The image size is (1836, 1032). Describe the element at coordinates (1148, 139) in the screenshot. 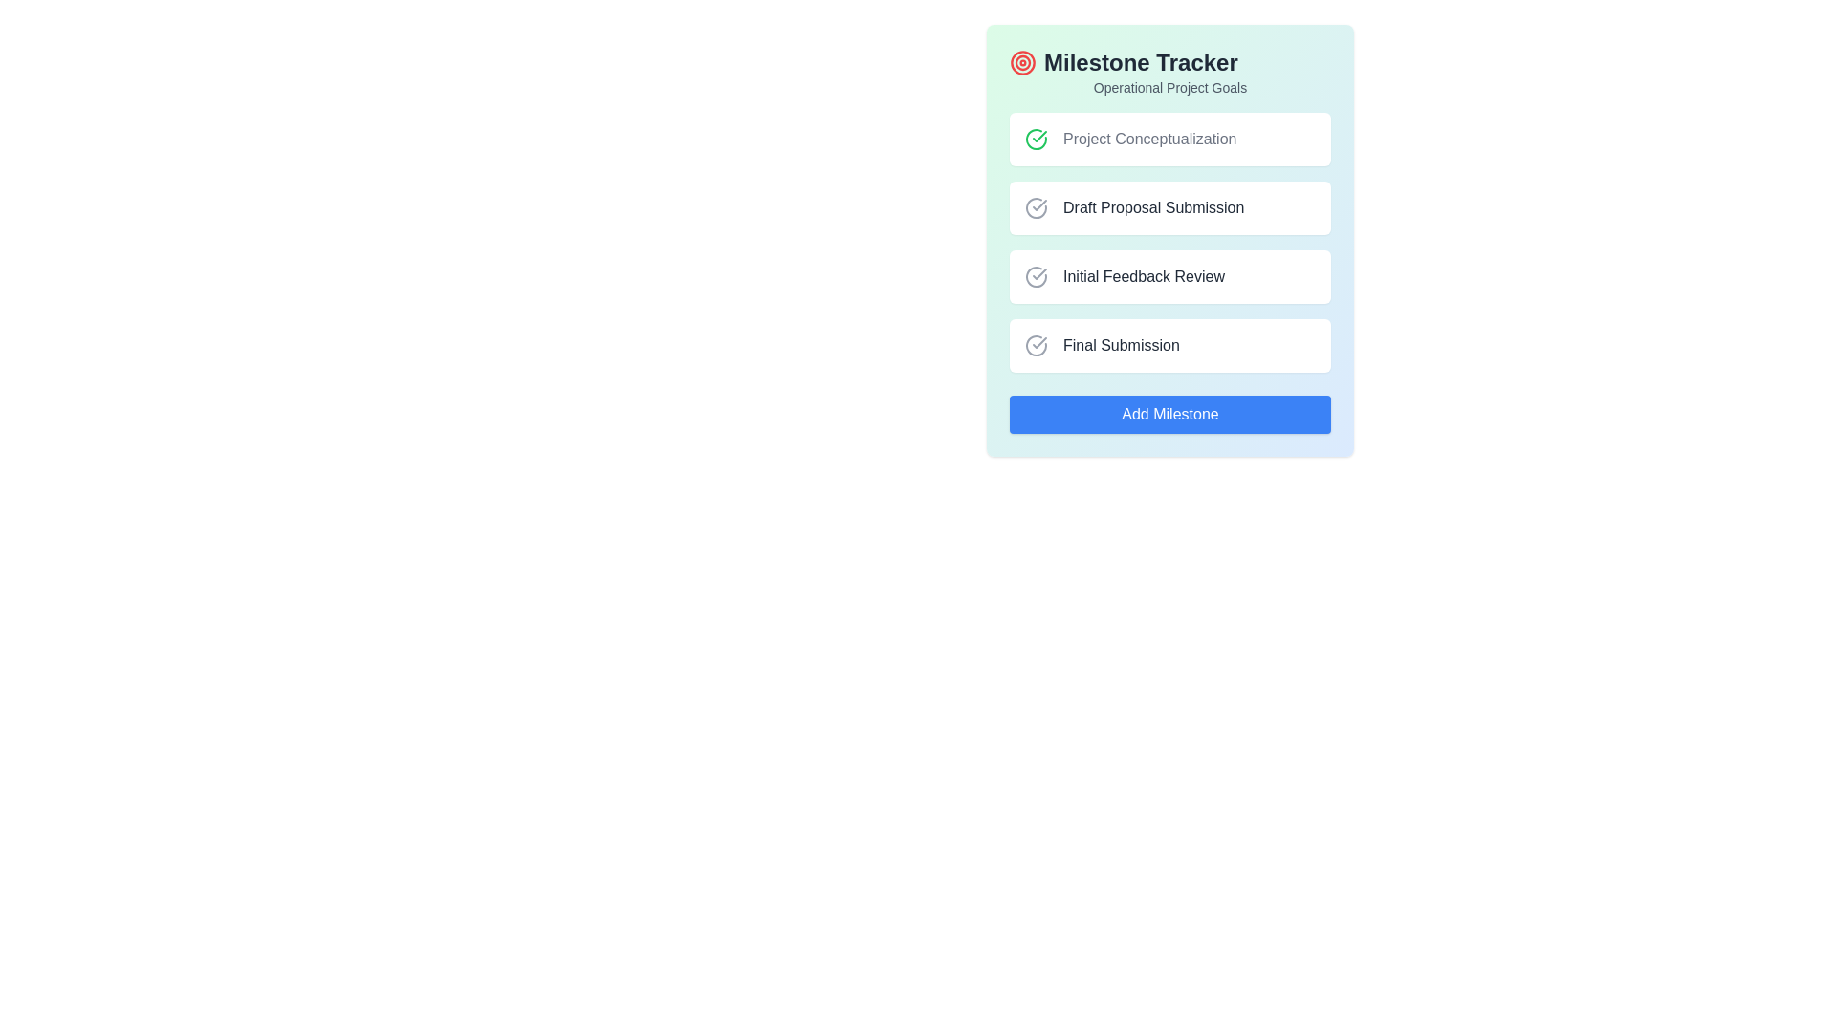

I see `the completion status of the milestone task represented by the text label located under the title 'Operational Project Goals' in the project tracker list` at that location.